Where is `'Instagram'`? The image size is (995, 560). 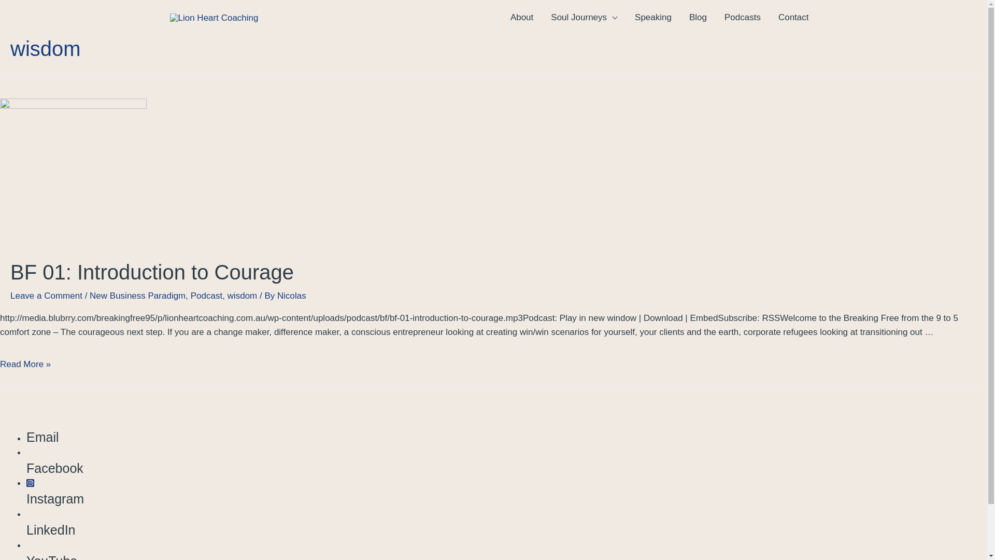 'Instagram' is located at coordinates (507, 491).